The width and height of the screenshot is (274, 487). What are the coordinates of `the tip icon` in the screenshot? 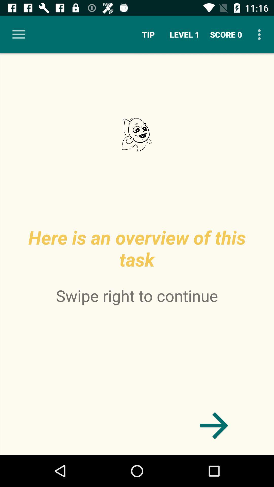 It's located at (148, 34).